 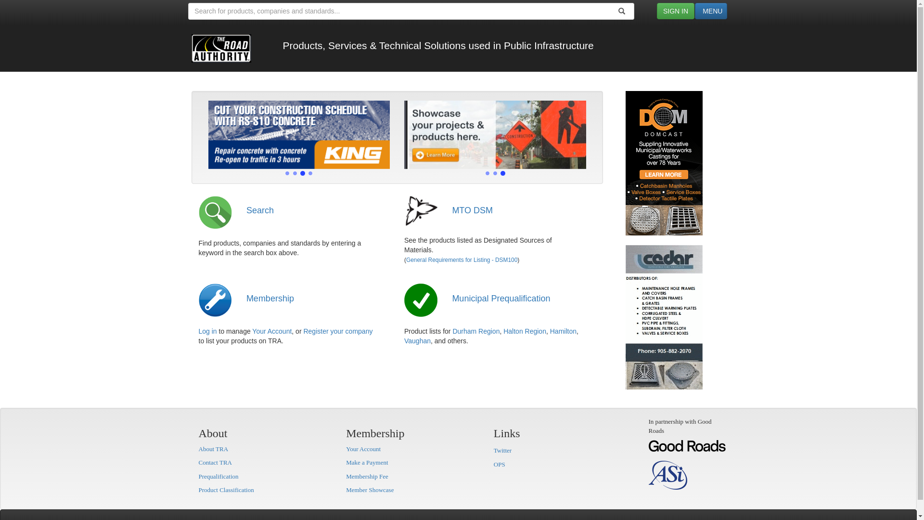 What do you see at coordinates (366, 462) in the screenshot?
I see `'Make a Payment'` at bounding box center [366, 462].